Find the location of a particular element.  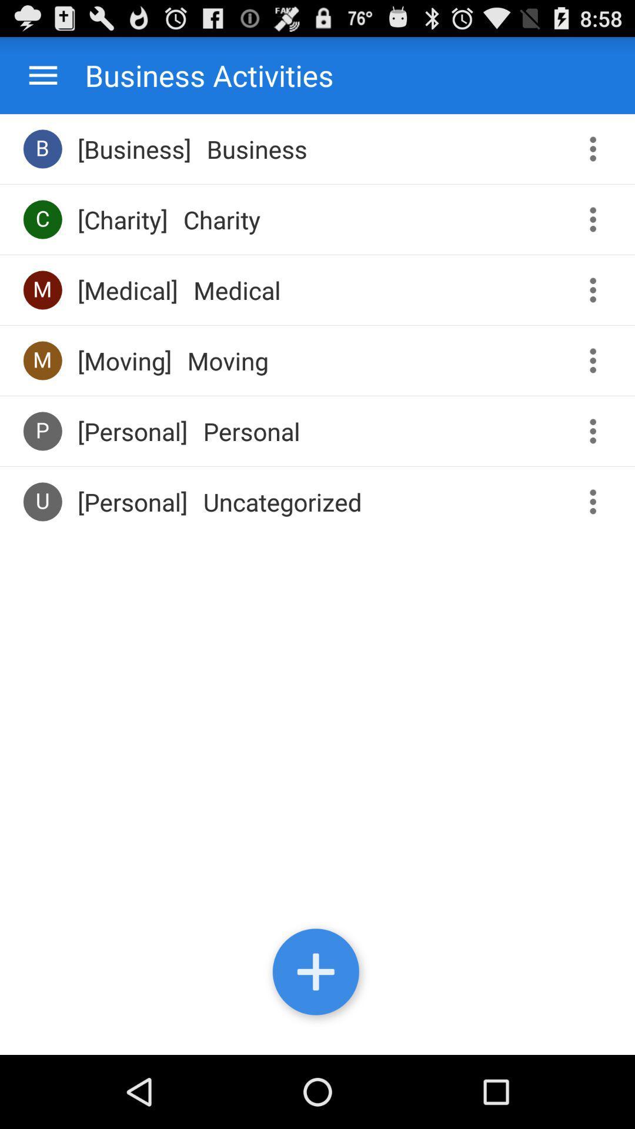

uncategorized icon is located at coordinates (282, 502).